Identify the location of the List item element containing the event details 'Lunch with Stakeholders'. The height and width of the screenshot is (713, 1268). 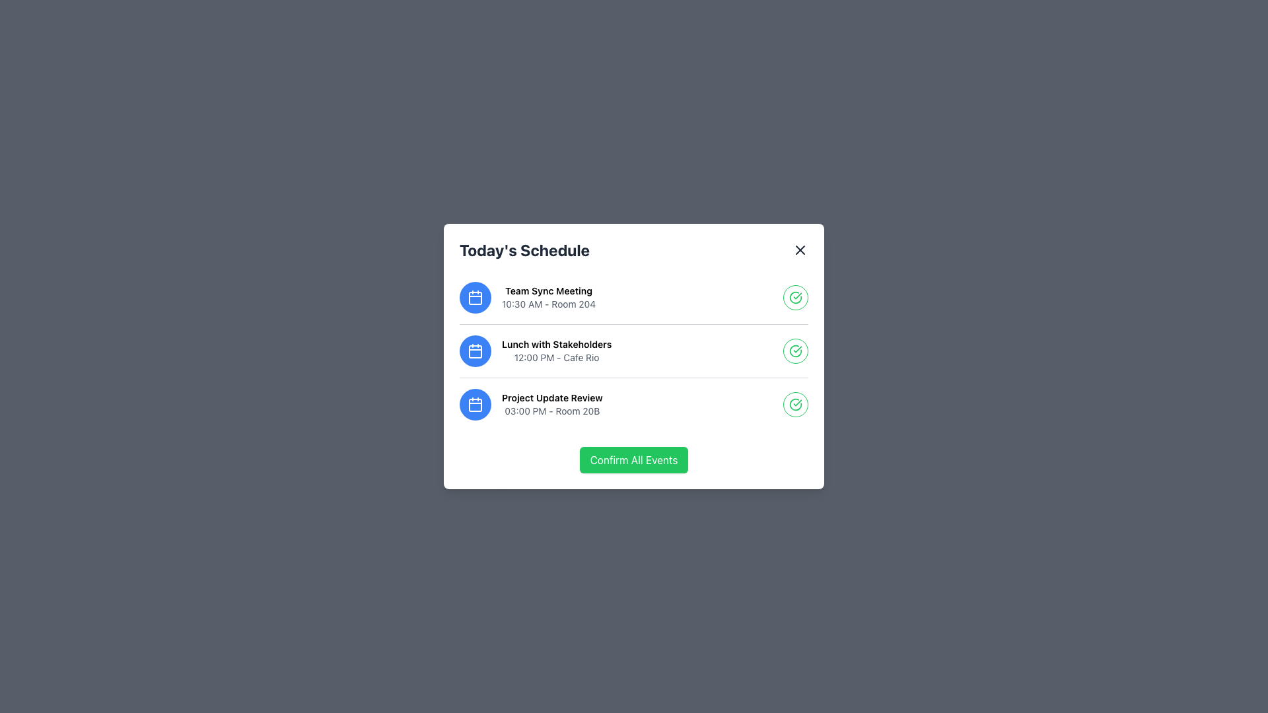
(634, 350).